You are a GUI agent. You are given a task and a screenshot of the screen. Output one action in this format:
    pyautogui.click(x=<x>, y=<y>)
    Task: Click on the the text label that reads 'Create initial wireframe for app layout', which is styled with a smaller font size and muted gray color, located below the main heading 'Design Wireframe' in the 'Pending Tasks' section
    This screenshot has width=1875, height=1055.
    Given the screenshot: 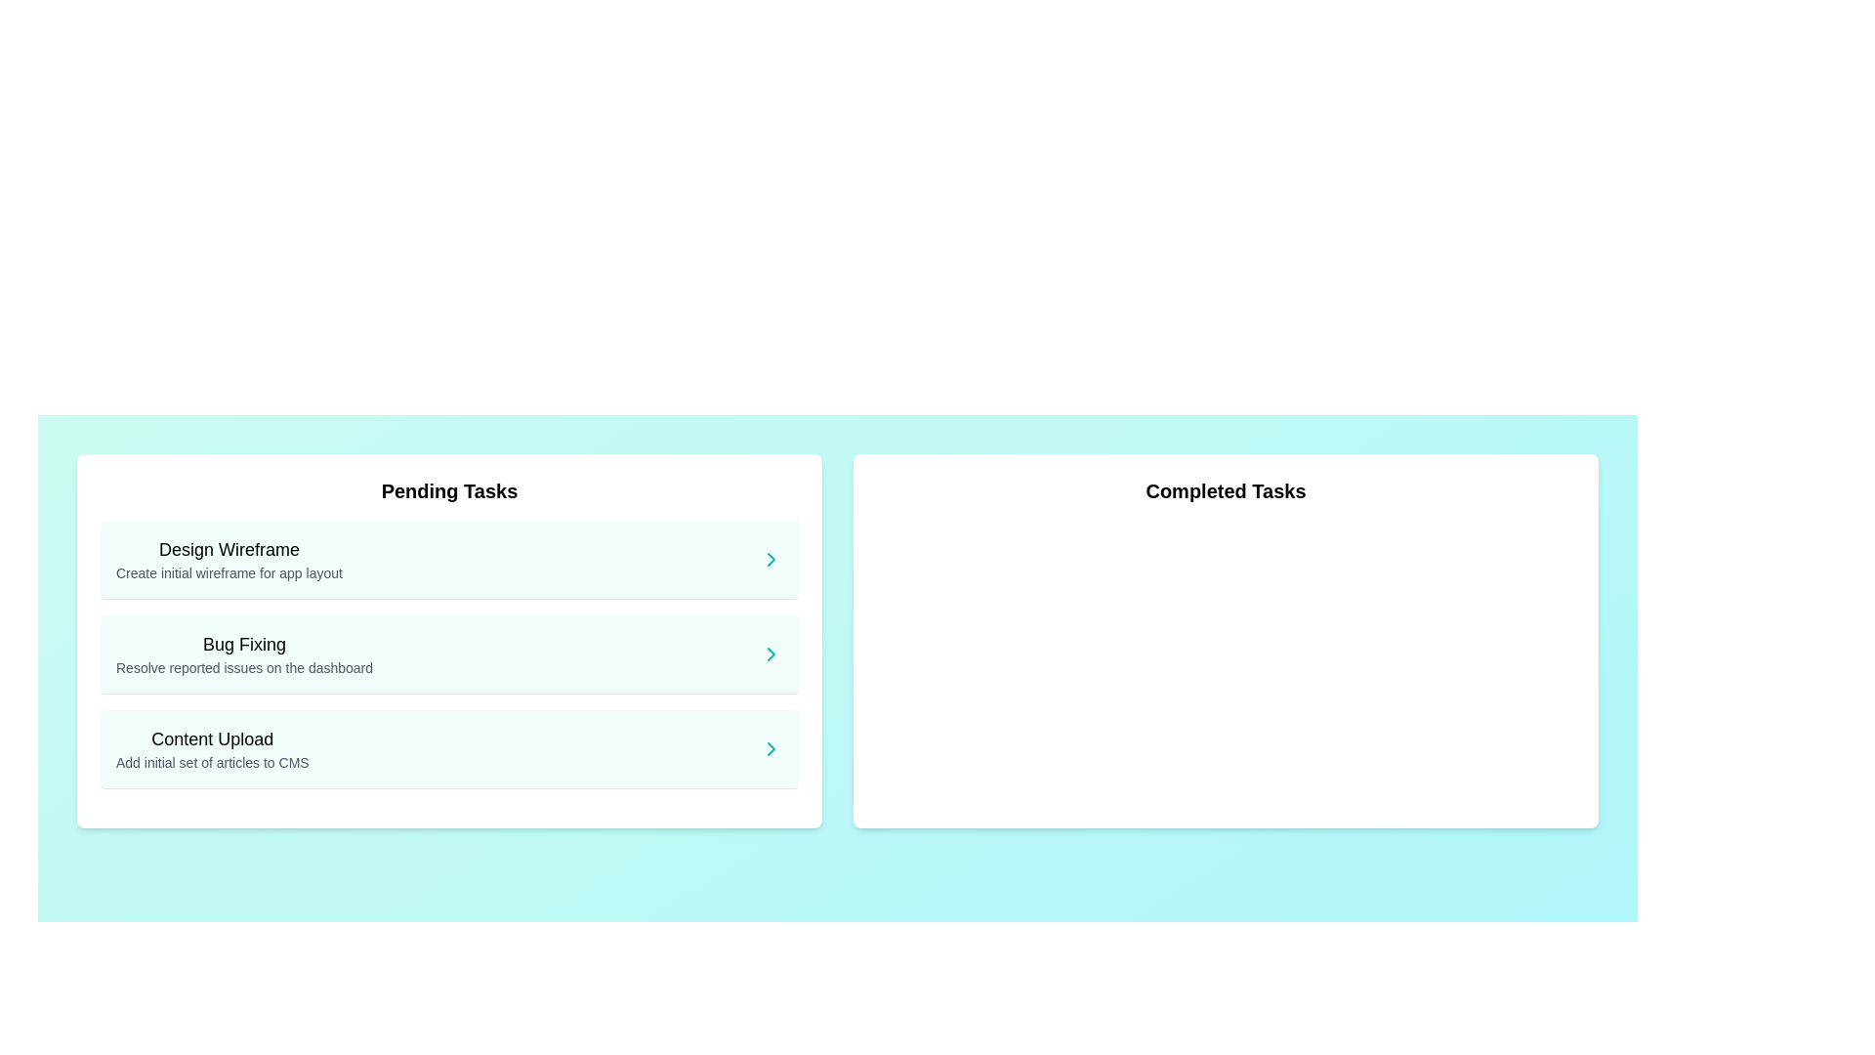 What is the action you would take?
    pyautogui.click(x=229, y=571)
    